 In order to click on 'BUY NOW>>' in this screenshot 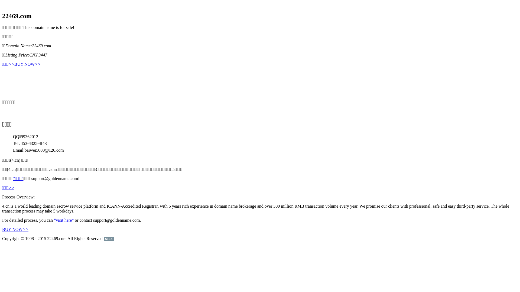, I will do `click(27, 64)`.